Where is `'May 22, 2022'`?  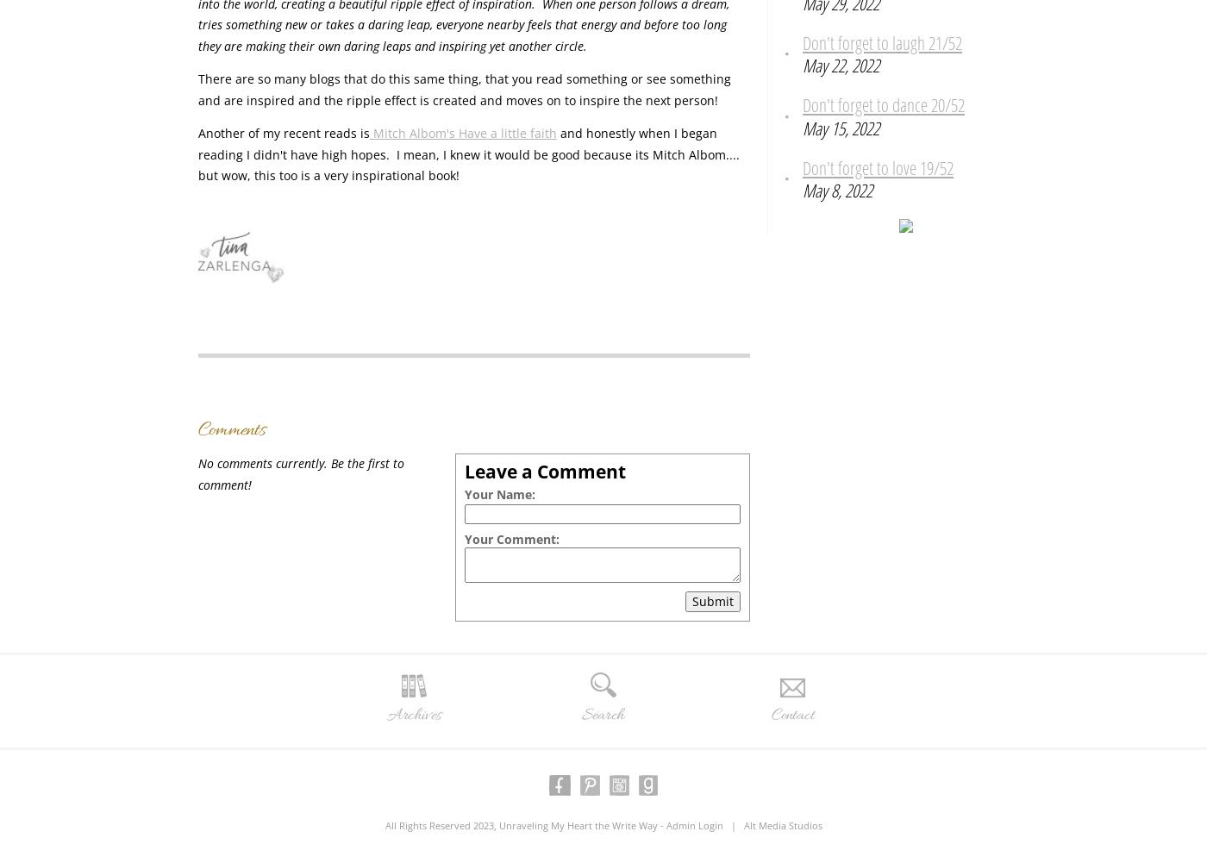 'May 22, 2022' is located at coordinates (841, 64).